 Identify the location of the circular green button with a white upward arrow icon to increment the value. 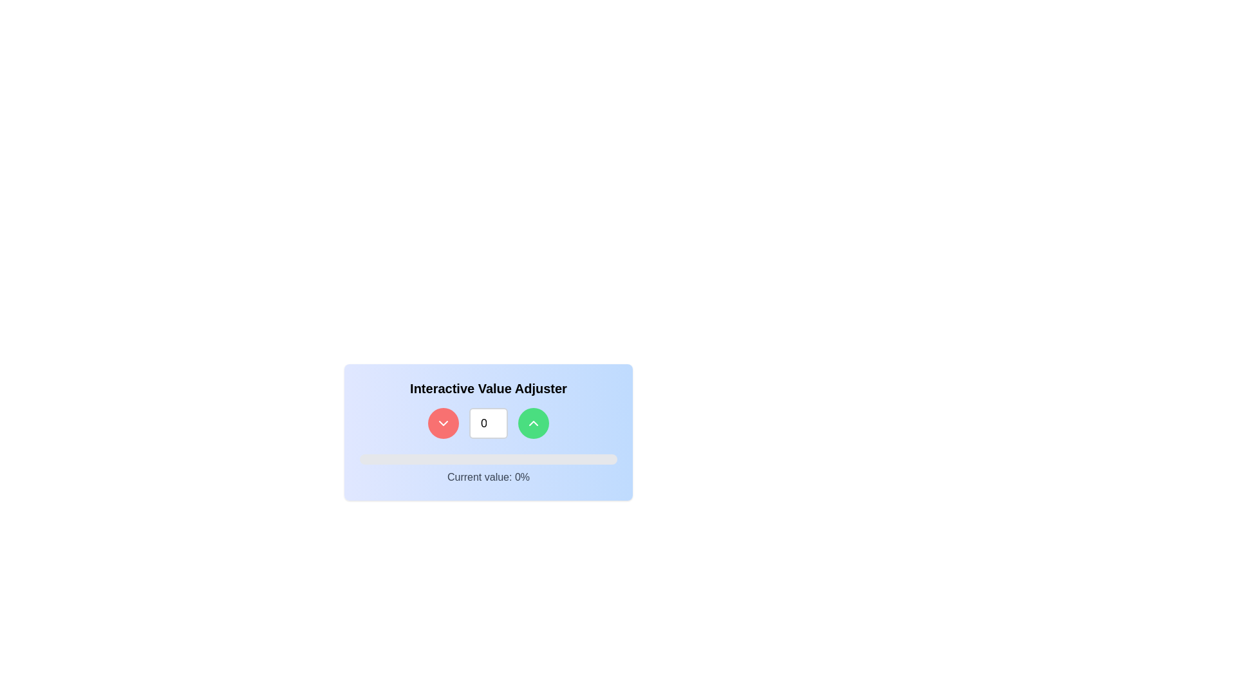
(534, 423).